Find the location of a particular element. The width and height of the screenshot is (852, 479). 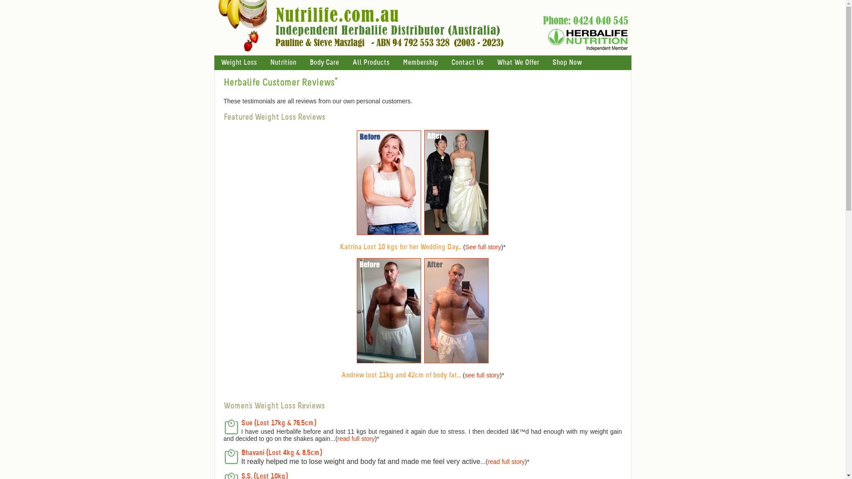

'read full story' is located at coordinates (355, 438).